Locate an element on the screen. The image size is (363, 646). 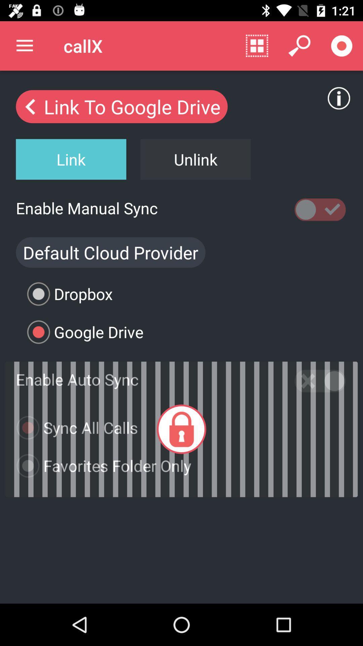
the info icon is located at coordinates (341, 92).